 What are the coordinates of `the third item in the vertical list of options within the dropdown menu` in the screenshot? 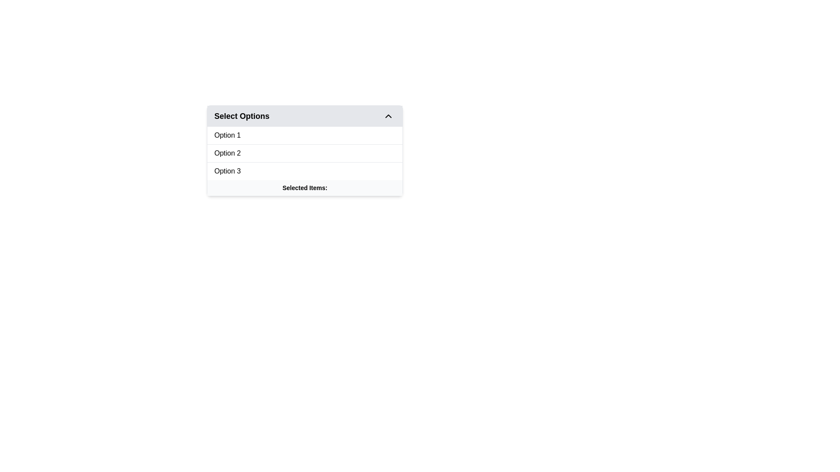 It's located at (304, 171).